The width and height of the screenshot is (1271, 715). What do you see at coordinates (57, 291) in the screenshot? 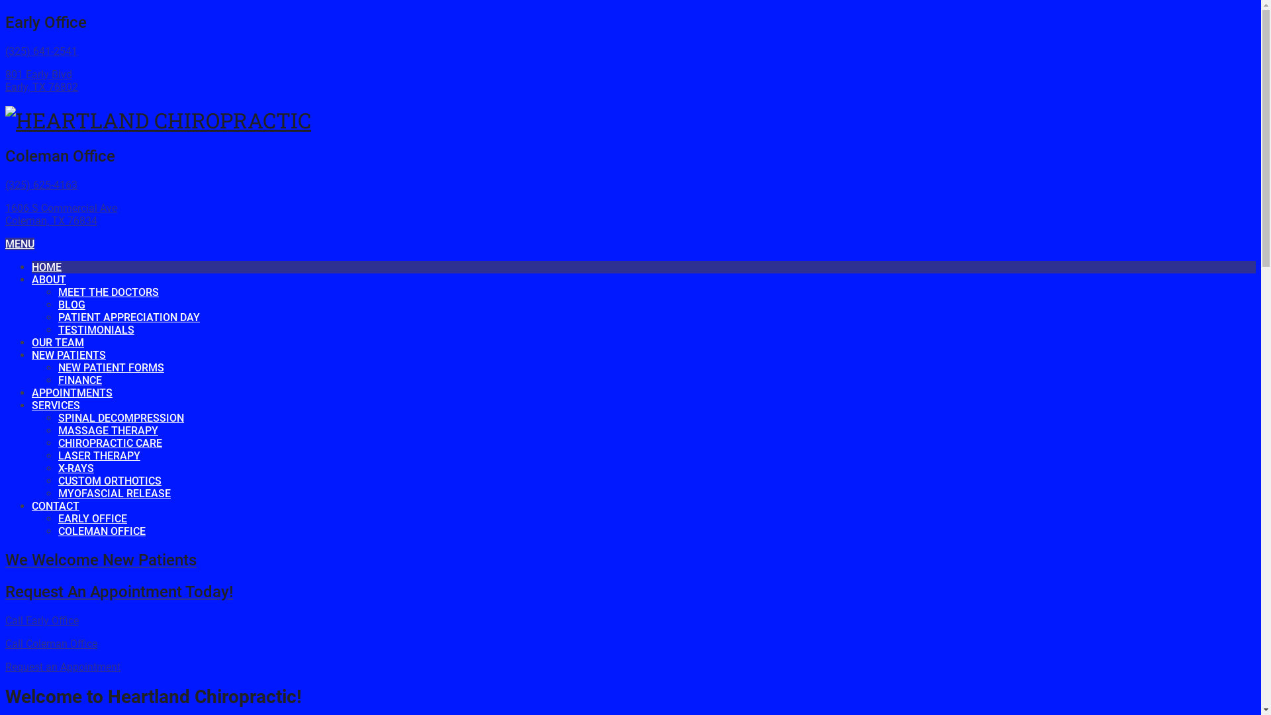
I see `'MEET THE DOCTORS'` at bounding box center [57, 291].